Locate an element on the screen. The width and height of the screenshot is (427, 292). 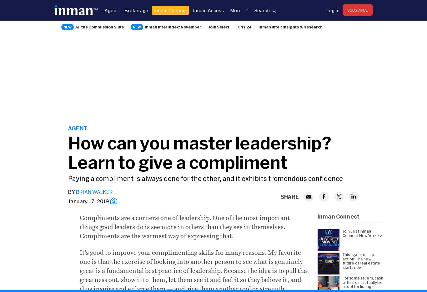
'January 17, 2019' is located at coordinates (68, 201).